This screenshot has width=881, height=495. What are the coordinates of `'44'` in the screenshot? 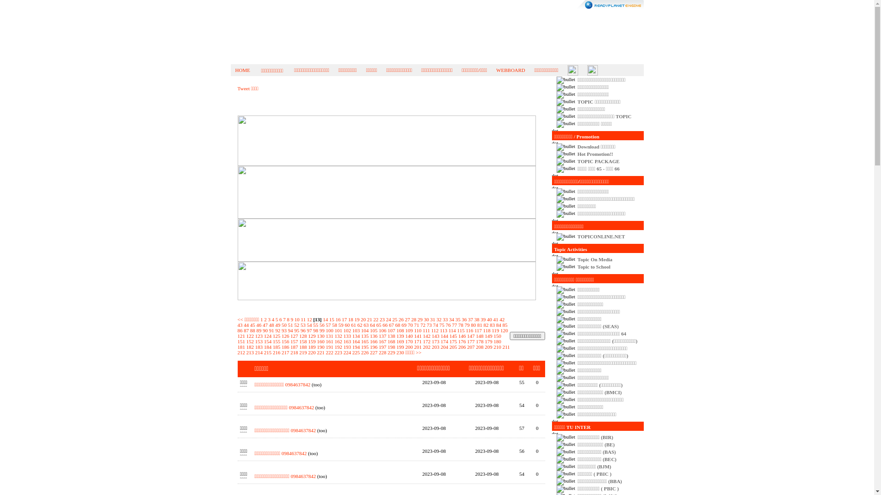 It's located at (246, 324).